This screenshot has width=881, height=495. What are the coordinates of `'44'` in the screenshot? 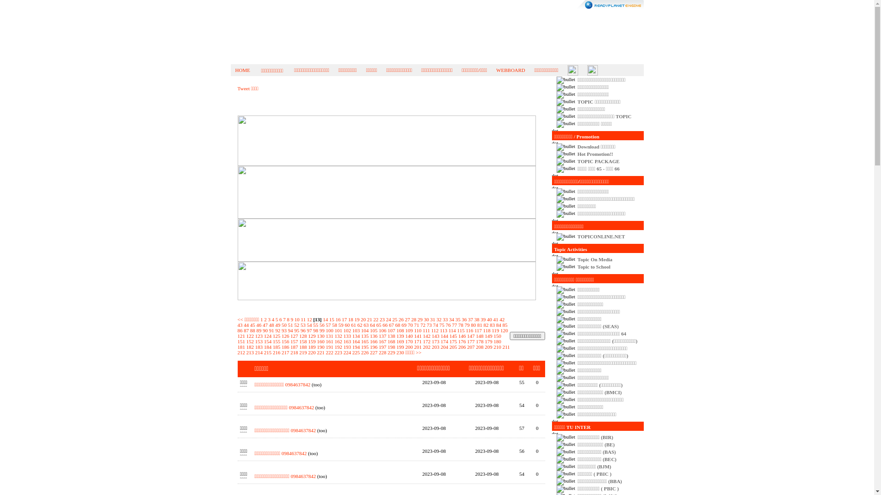 It's located at (246, 324).